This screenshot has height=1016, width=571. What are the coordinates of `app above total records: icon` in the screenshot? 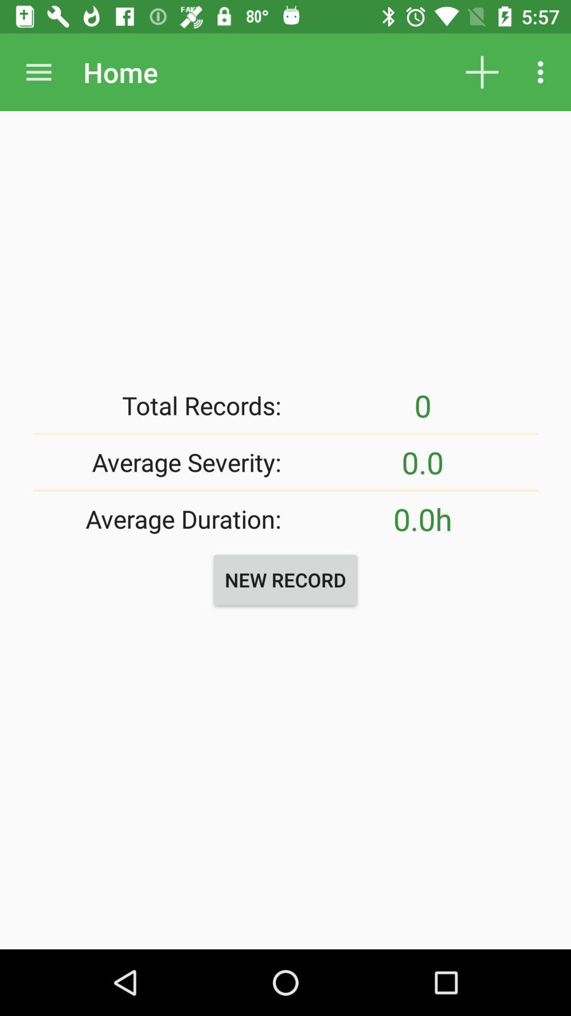 It's located at (38, 71).